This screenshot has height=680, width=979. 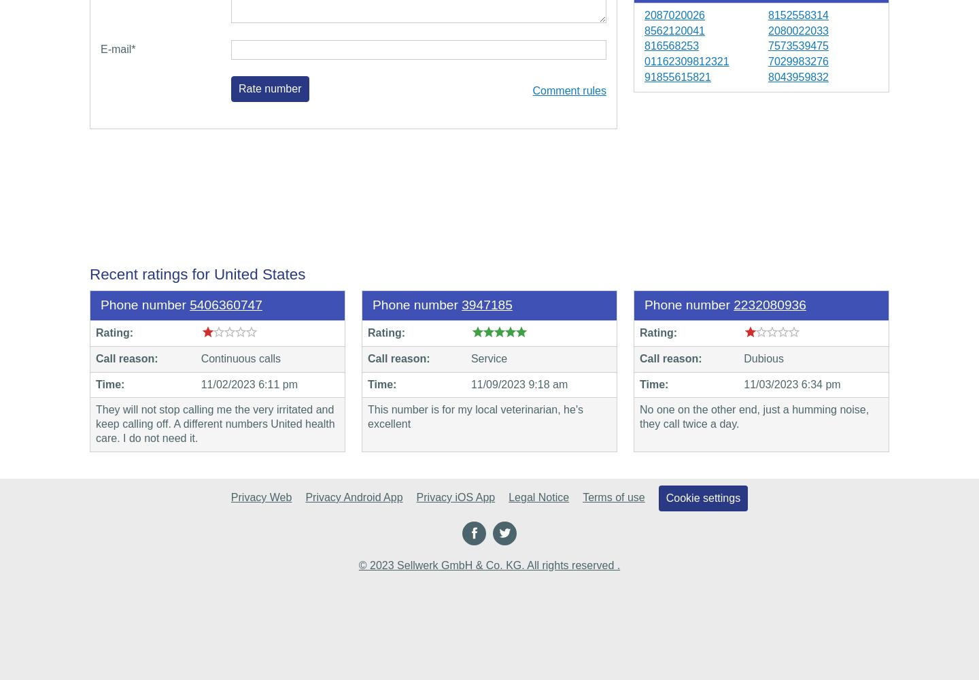 What do you see at coordinates (240, 358) in the screenshot?
I see `'Continuous calls'` at bounding box center [240, 358].